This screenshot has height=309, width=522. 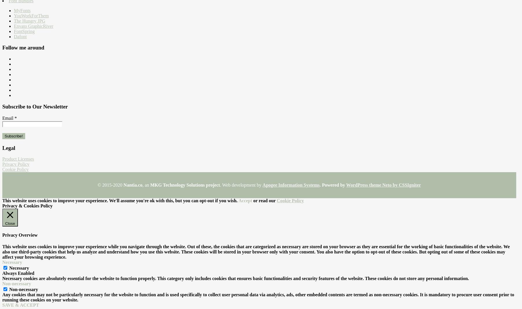 What do you see at coordinates (290, 185) in the screenshot?
I see `'Apogee Information Systems'` at bounding box center [290, 185].